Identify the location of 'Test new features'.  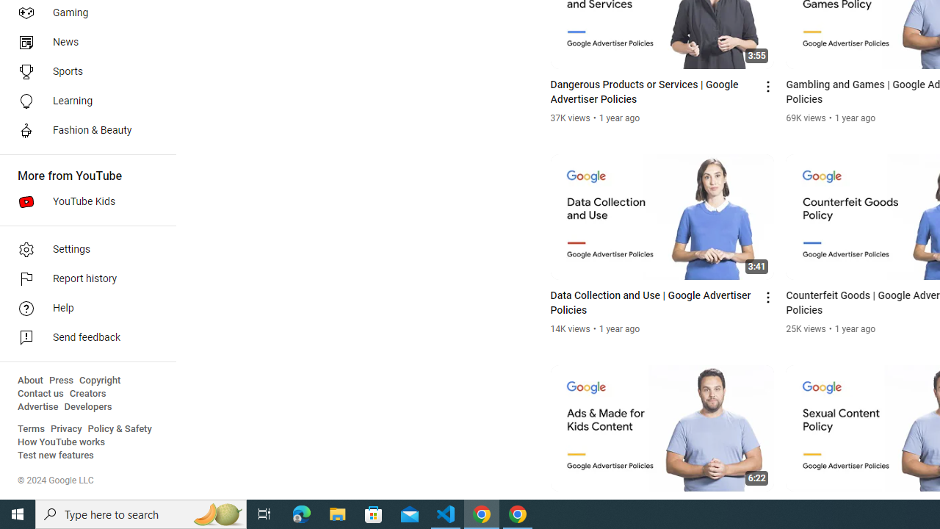
(56, 455).